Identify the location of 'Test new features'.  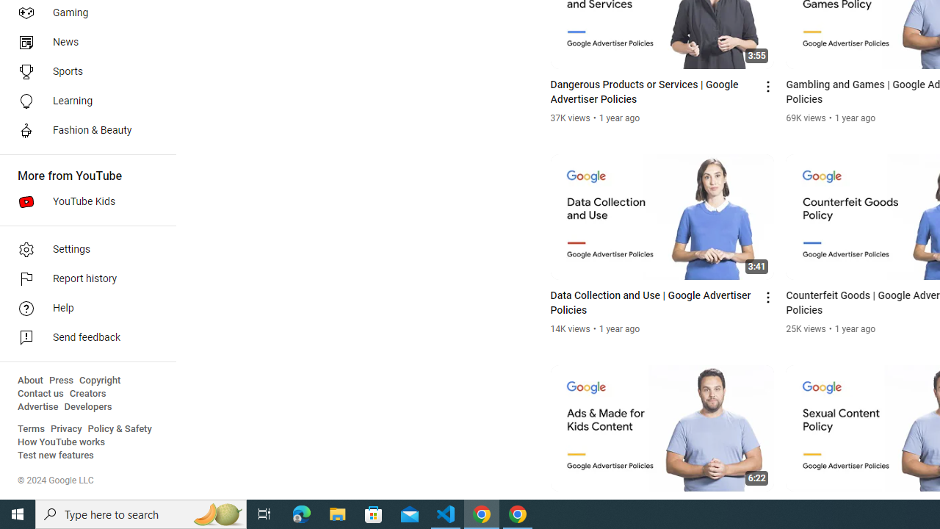
(56, 455).